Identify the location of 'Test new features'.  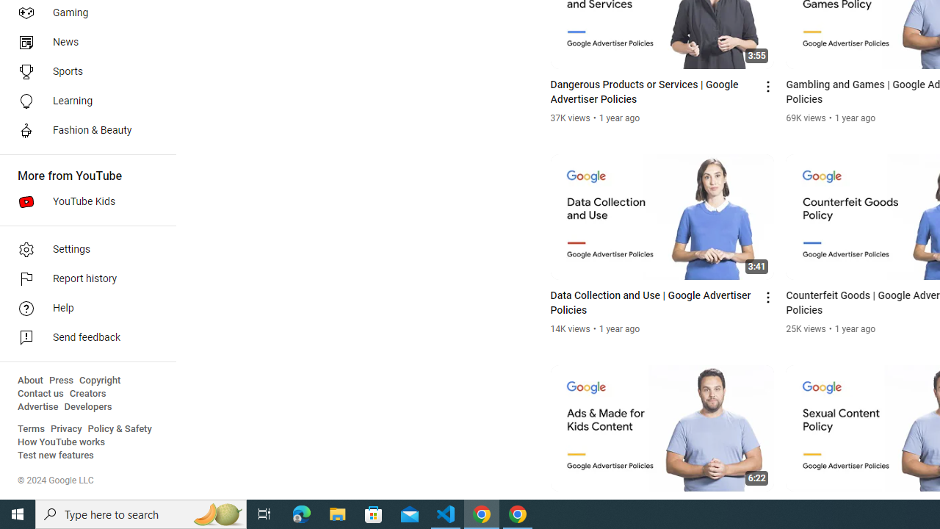
(56, 455).